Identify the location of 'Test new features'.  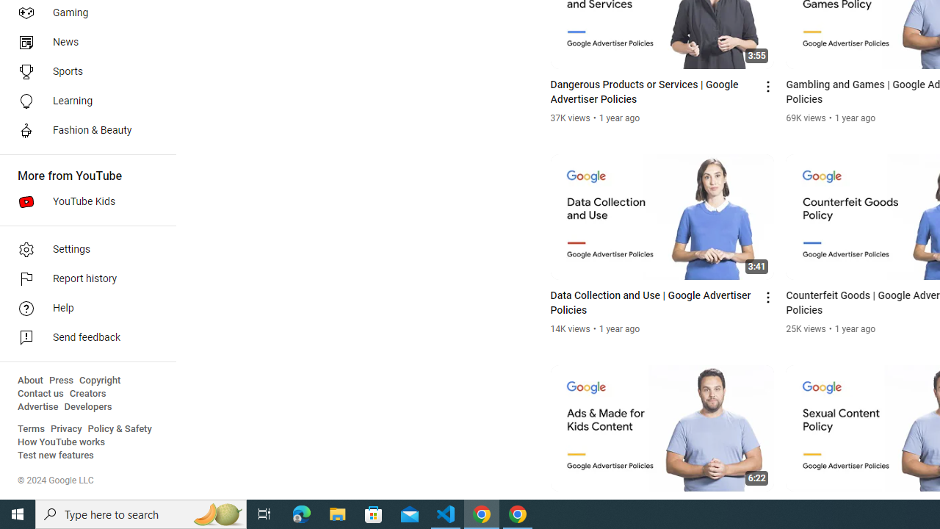
(56, 455).